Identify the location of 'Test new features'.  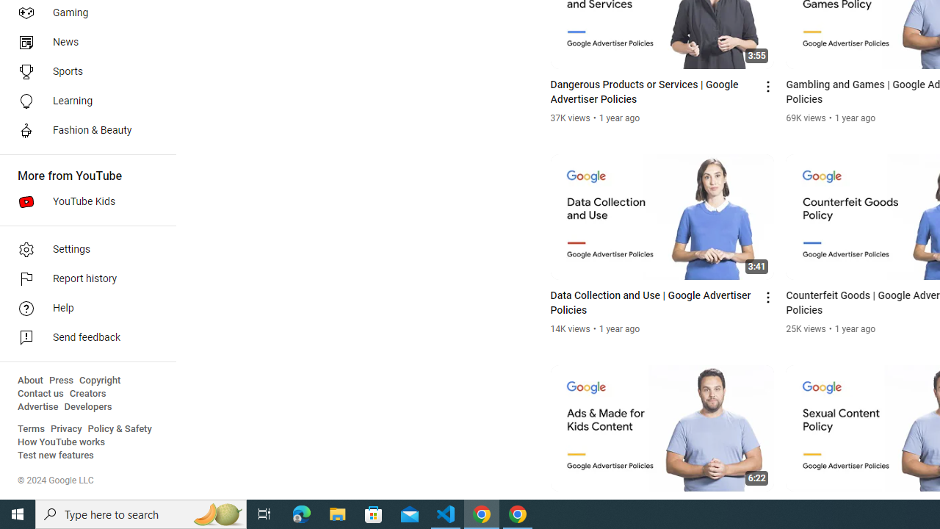
(56, 455).